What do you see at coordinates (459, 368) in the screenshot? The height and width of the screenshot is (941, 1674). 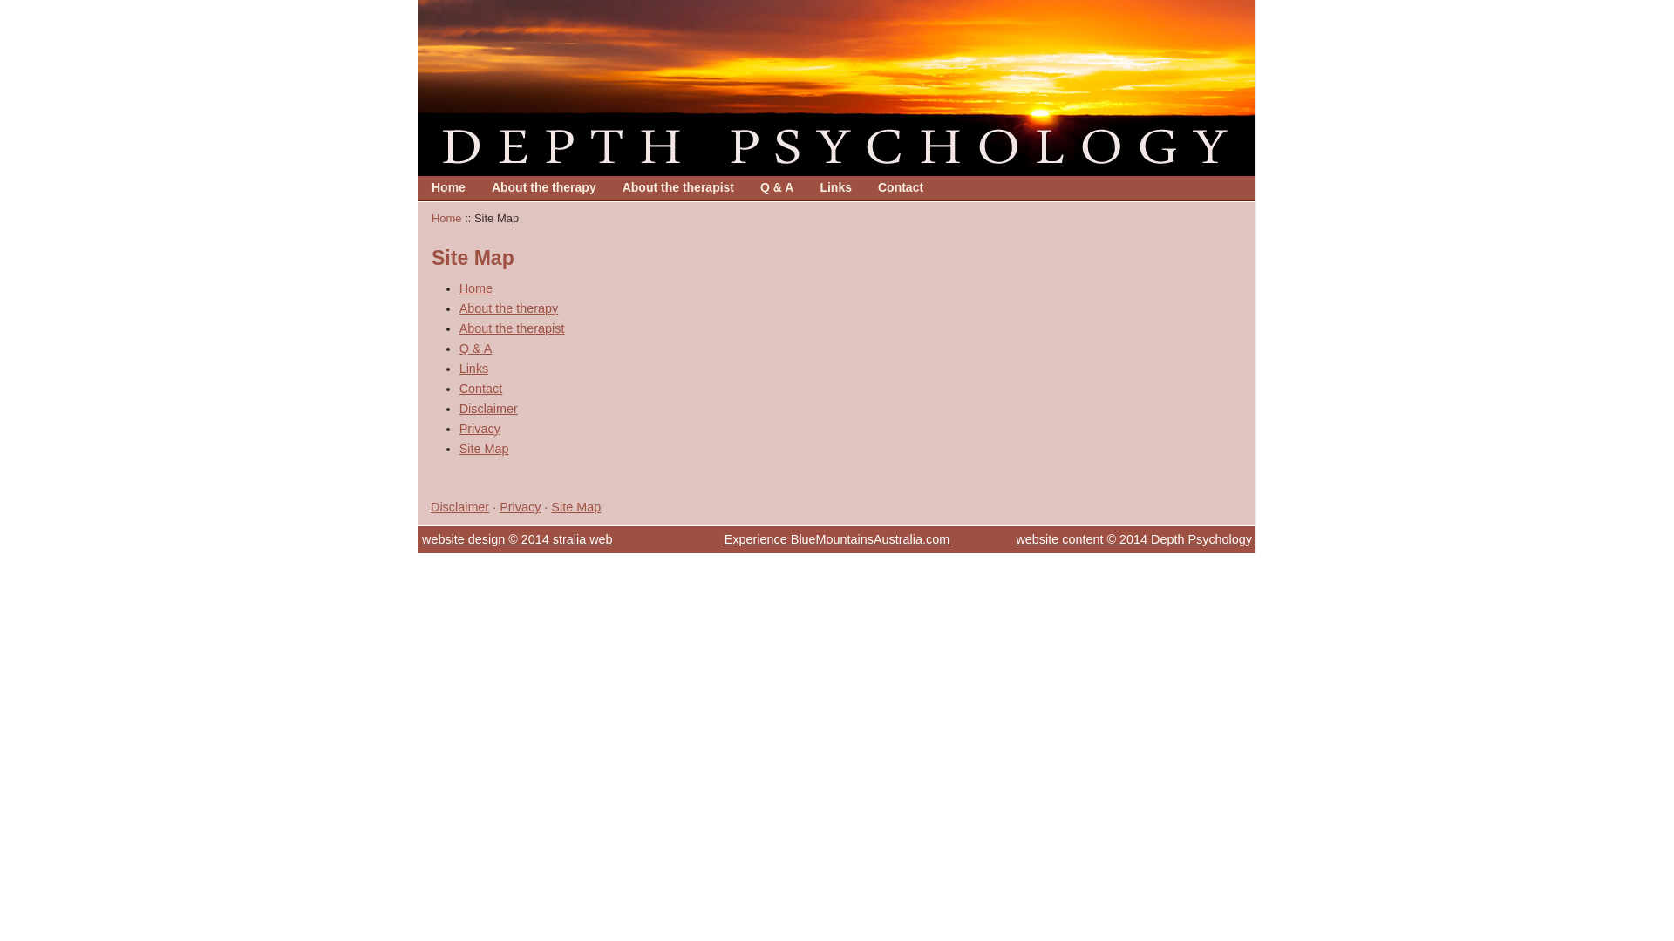 I see `'Links'` at bounding box center [459, 368].